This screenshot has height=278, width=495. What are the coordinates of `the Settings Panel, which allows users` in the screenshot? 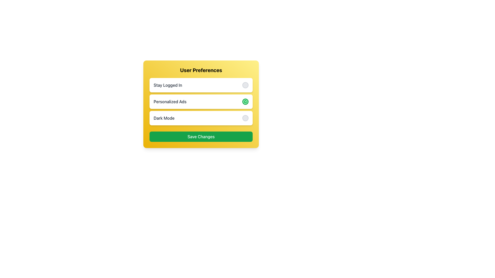 It's located at (201, 104).